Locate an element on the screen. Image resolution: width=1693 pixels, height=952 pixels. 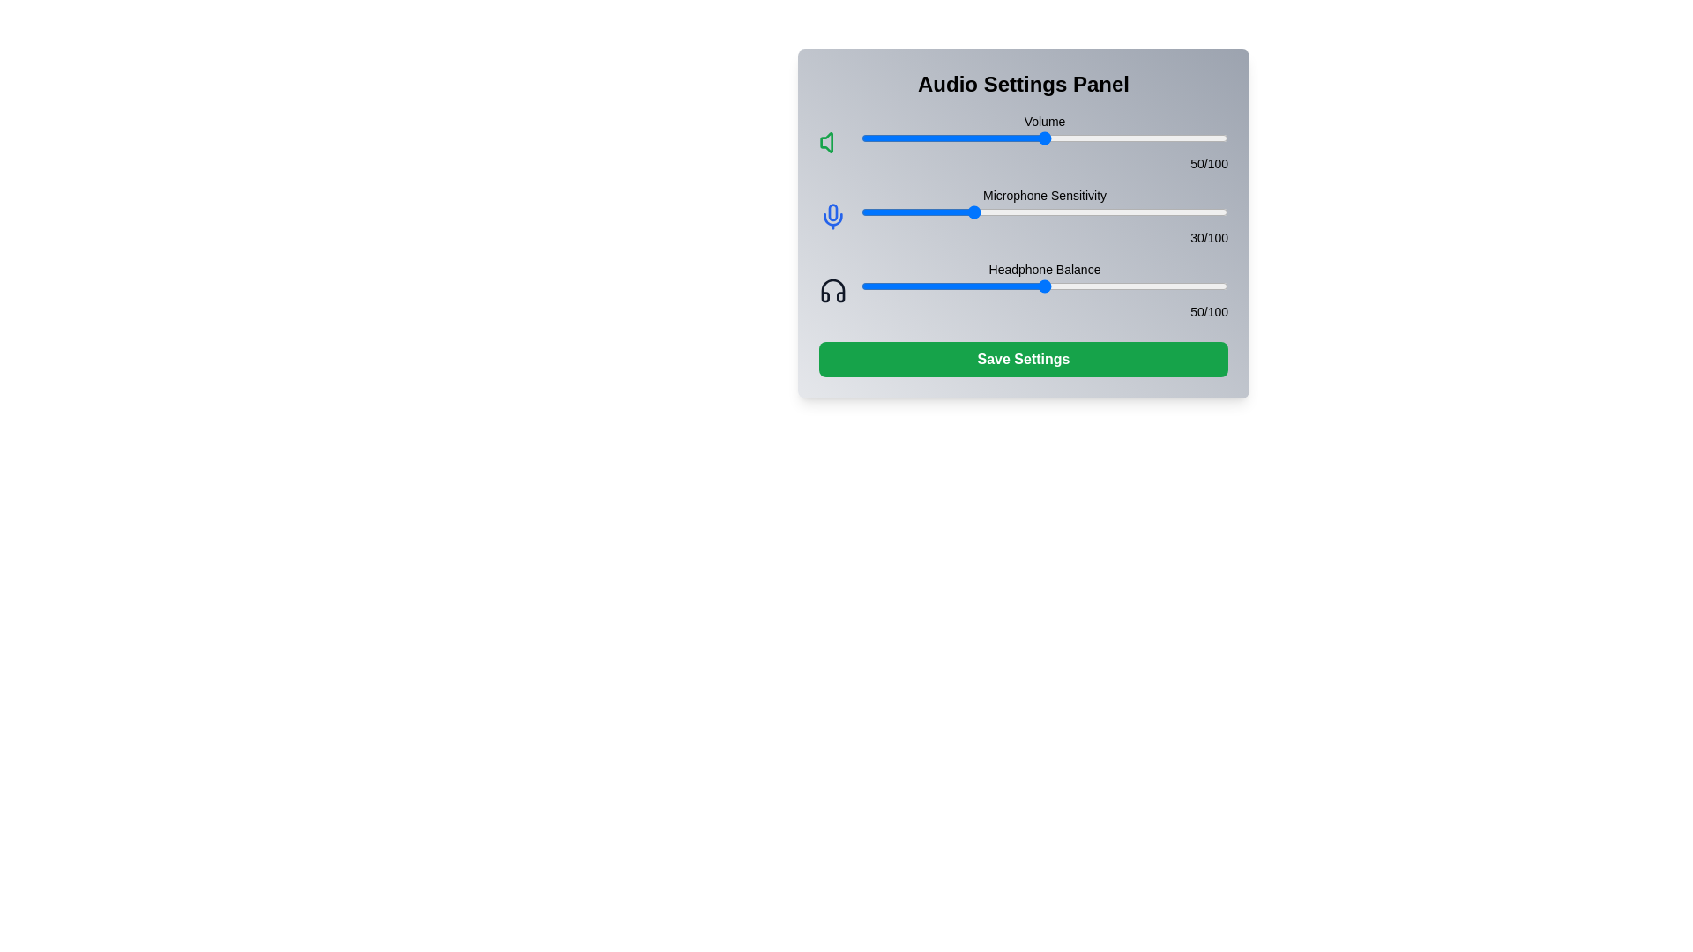
the headphone balance is located at coordinates (1212, 285).